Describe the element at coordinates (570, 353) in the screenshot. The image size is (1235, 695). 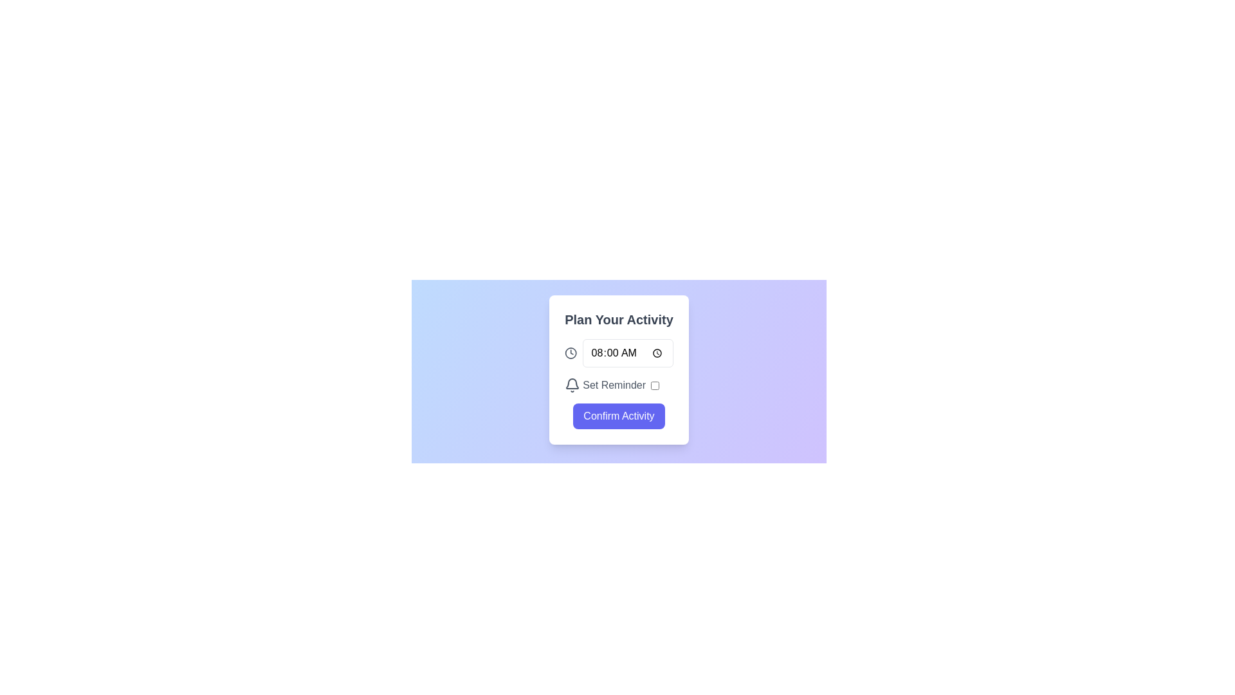
I see `the surrounding clock icon, which visually represents the outer boundary of a clock and is located to the right of the time input field within the 'Plan Your Activity' card layout` at that location.